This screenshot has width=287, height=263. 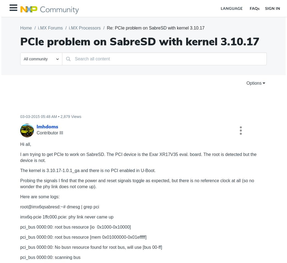 I want to click on '2,879 Views', so click(x=71, y=116).